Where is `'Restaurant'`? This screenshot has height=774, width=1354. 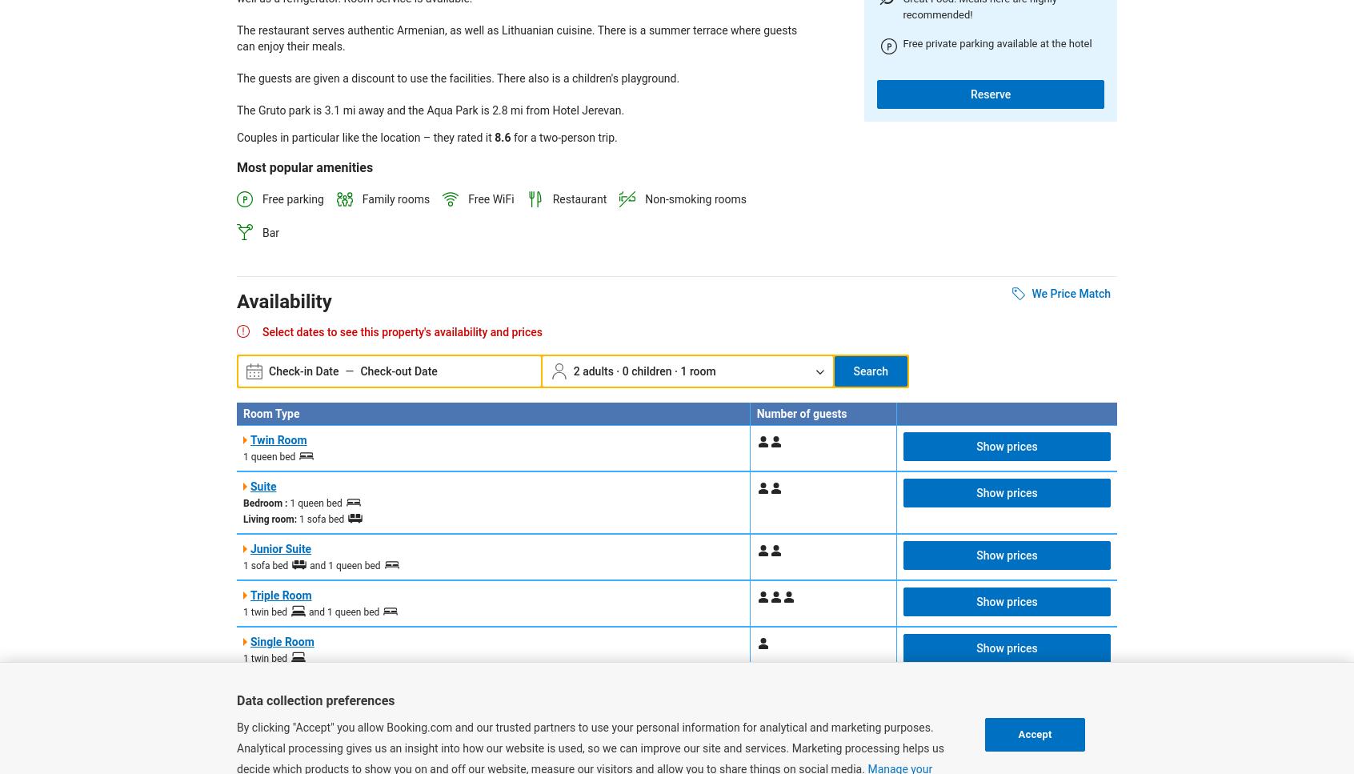 'Restaurant' is located at coordinates (579, 199).